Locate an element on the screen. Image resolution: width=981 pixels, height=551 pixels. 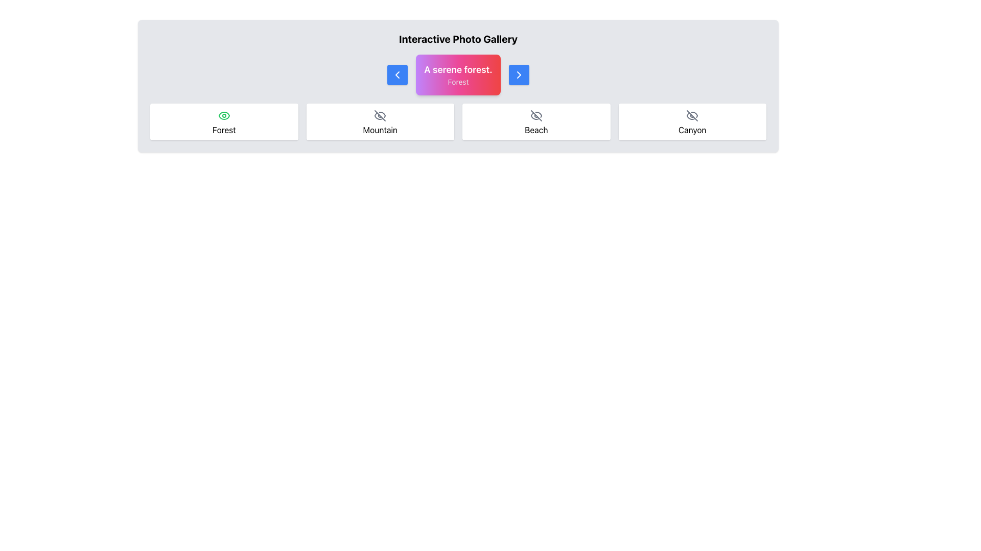
text content of the Text Label that serves as a title or header for the photo gallery section, providing context to the user about the content below is located at coordinates (458, 39).